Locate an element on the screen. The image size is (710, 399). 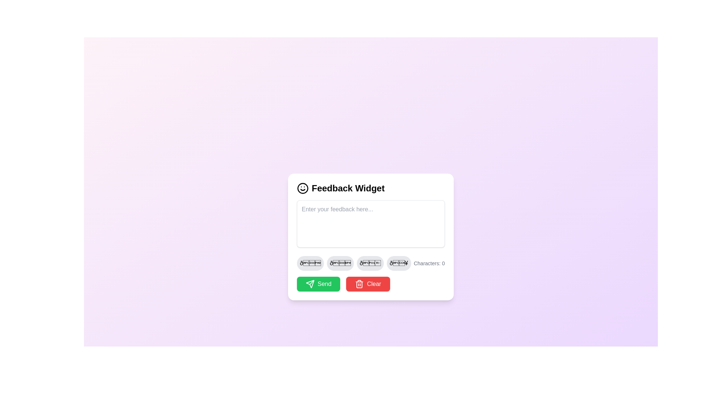
the paper-plane-shaped icon adjacent to the 'Send' text to send the feedback form is located at coordinates (310, 283).